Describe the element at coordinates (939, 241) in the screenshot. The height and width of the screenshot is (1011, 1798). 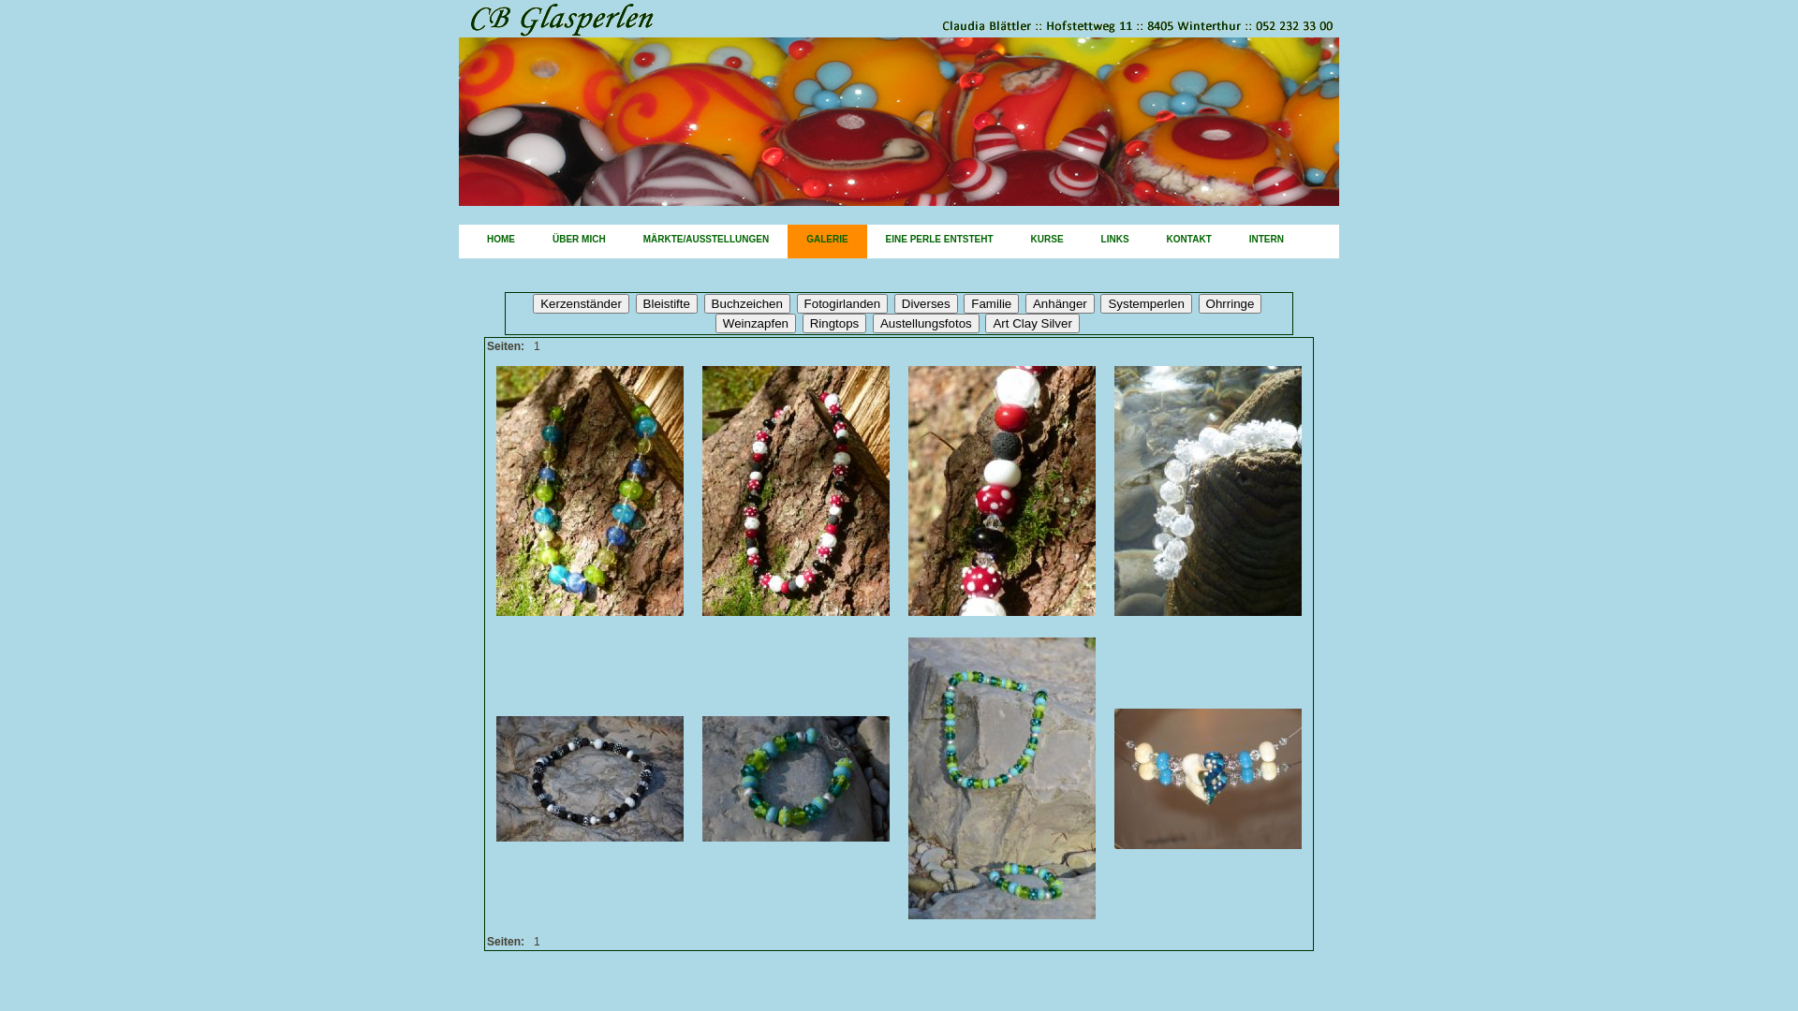
I see `'EINE PERLE ENTSTEHT'` at that location.